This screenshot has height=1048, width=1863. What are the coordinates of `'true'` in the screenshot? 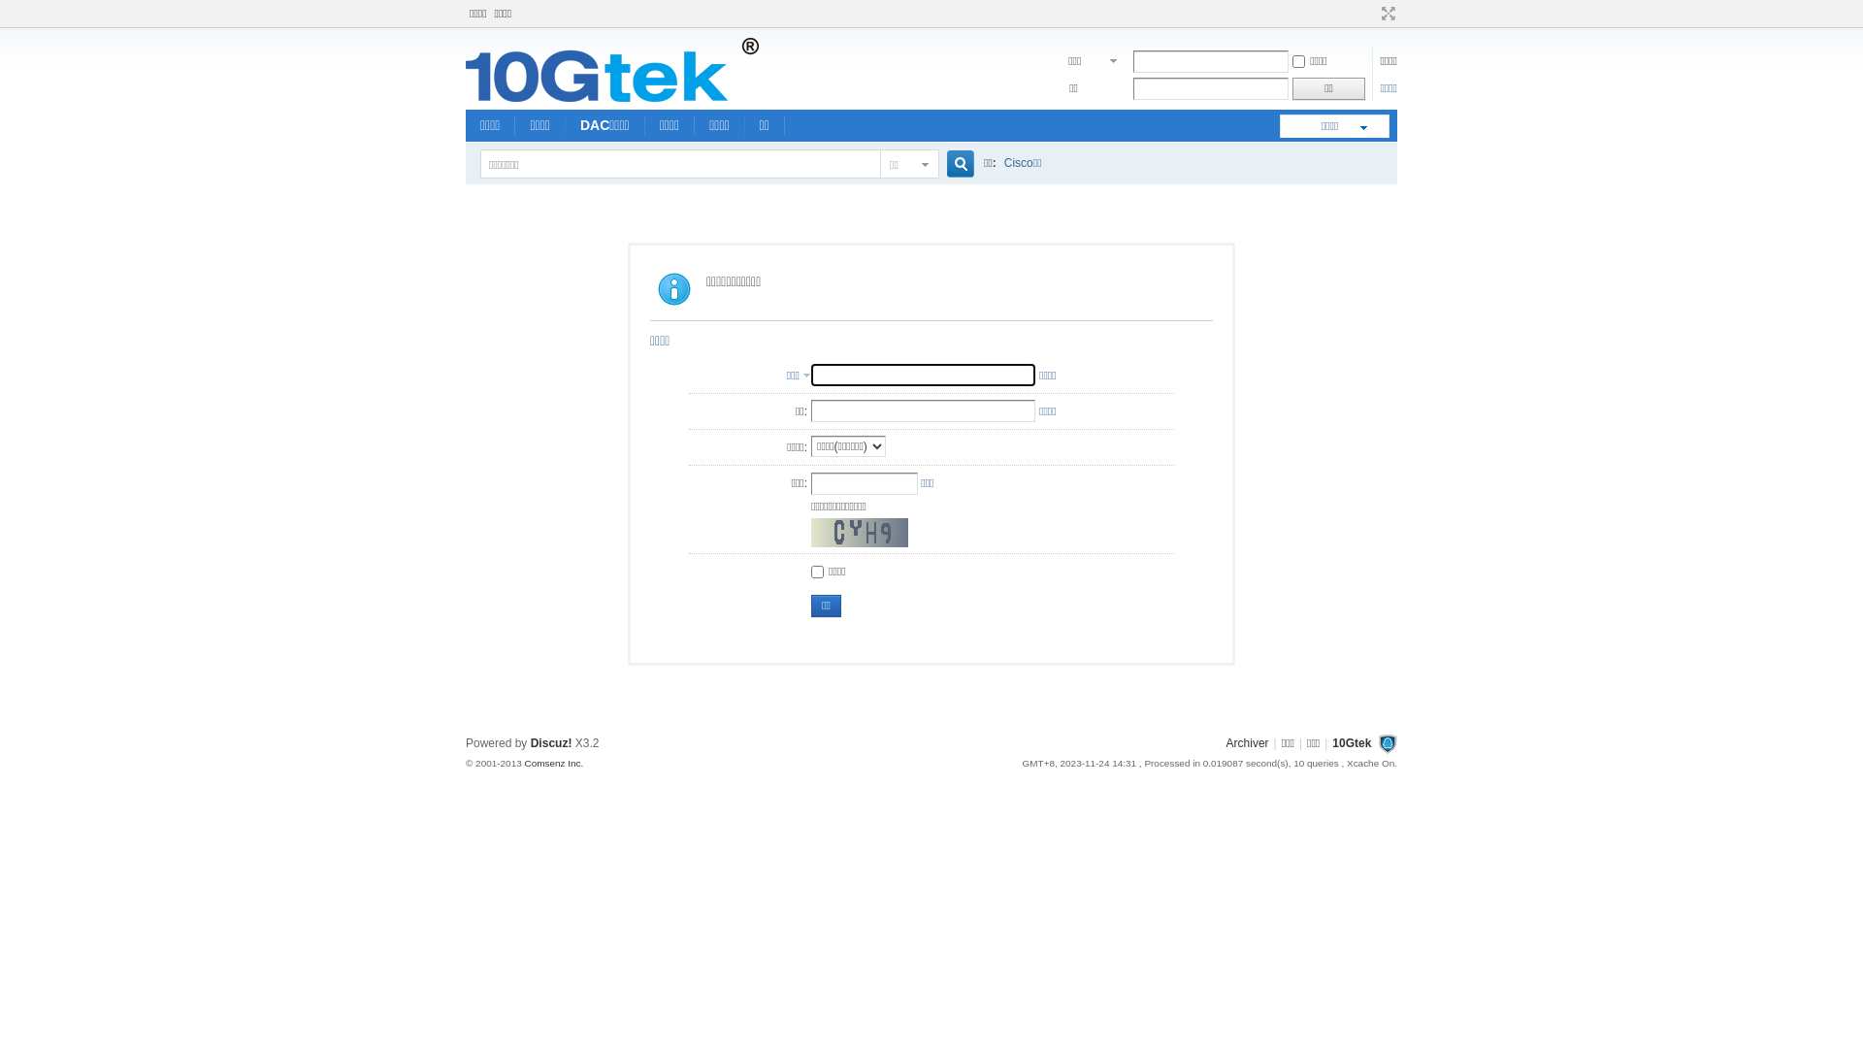 It's located at (953, 163).